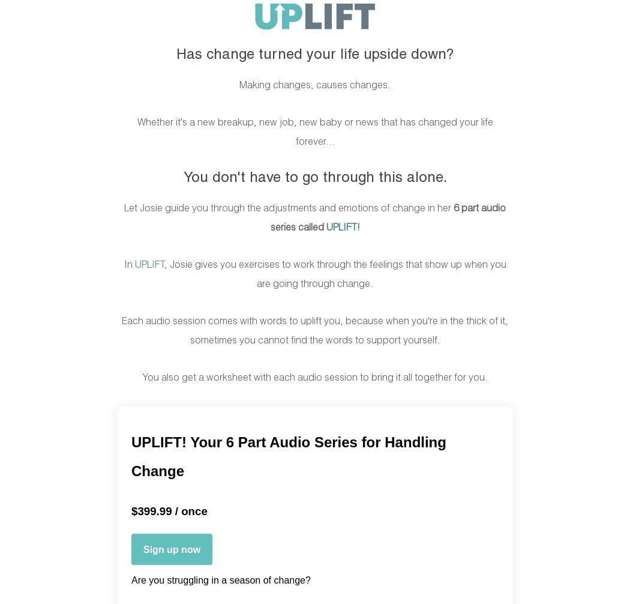 This screenshot has height=604, width=630. Describe the element at coordinates (150, 265) in the screenshot. I see `'UPLIFT,'` at that location.